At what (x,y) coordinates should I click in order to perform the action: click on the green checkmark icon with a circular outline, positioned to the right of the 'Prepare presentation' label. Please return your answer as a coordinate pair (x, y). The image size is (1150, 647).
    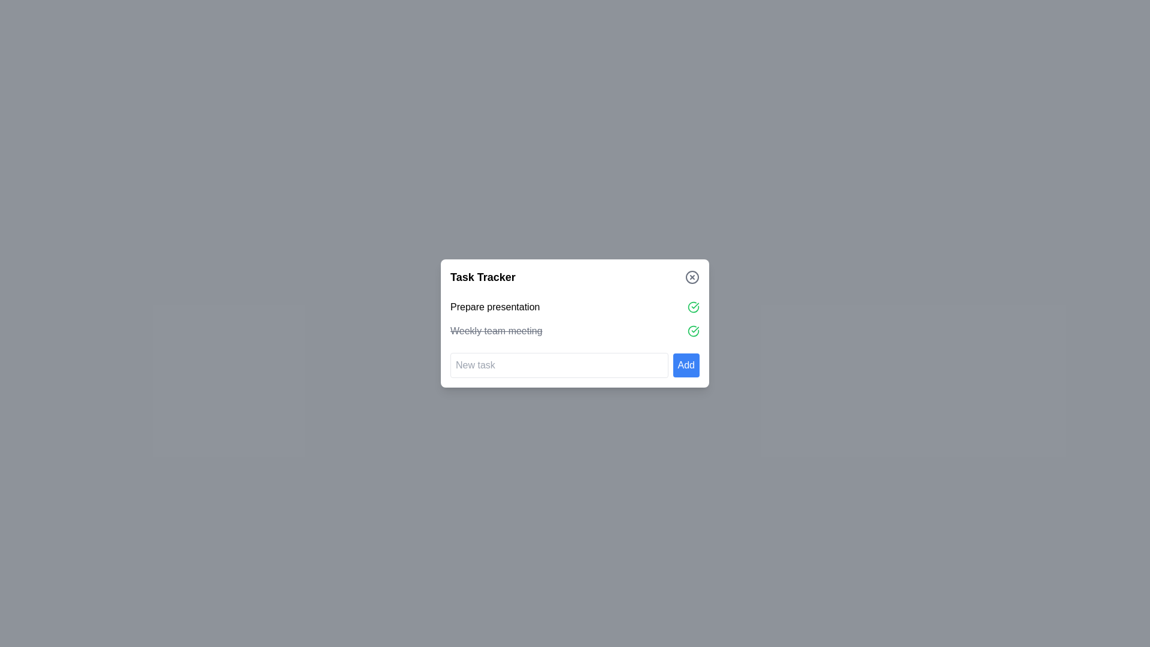
    Looking at the image, I should click on (693, 307).